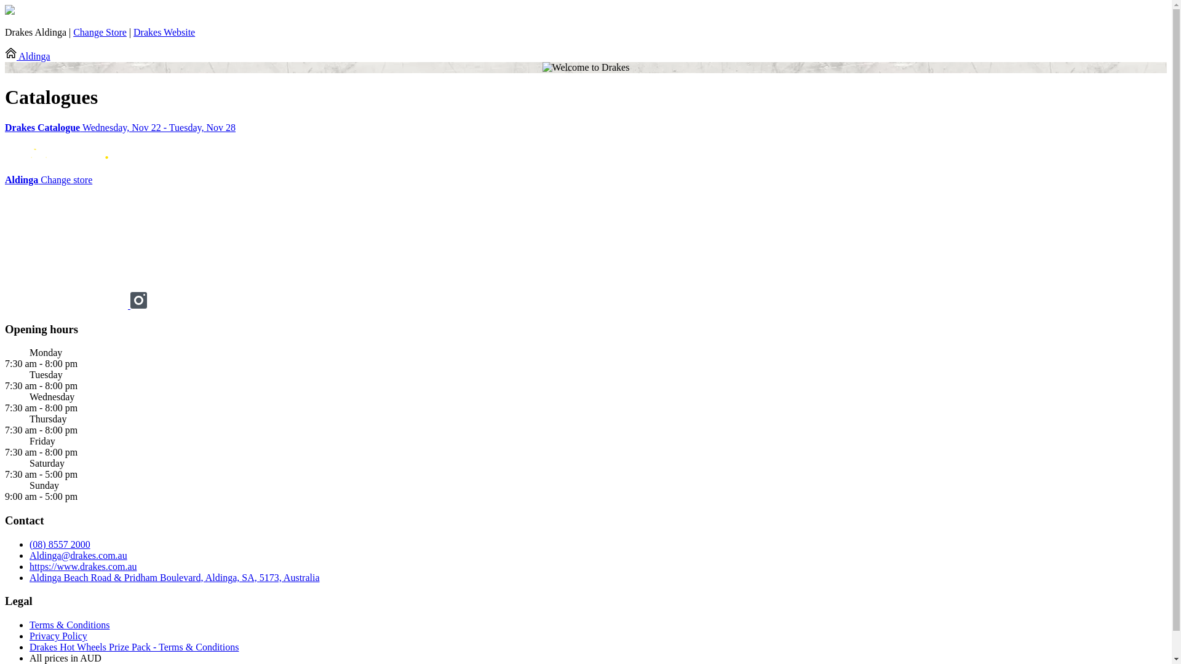  Describe the element at coordinates (30, 625) in the screenshot. I see `'Terms & Conditions'` at that location.